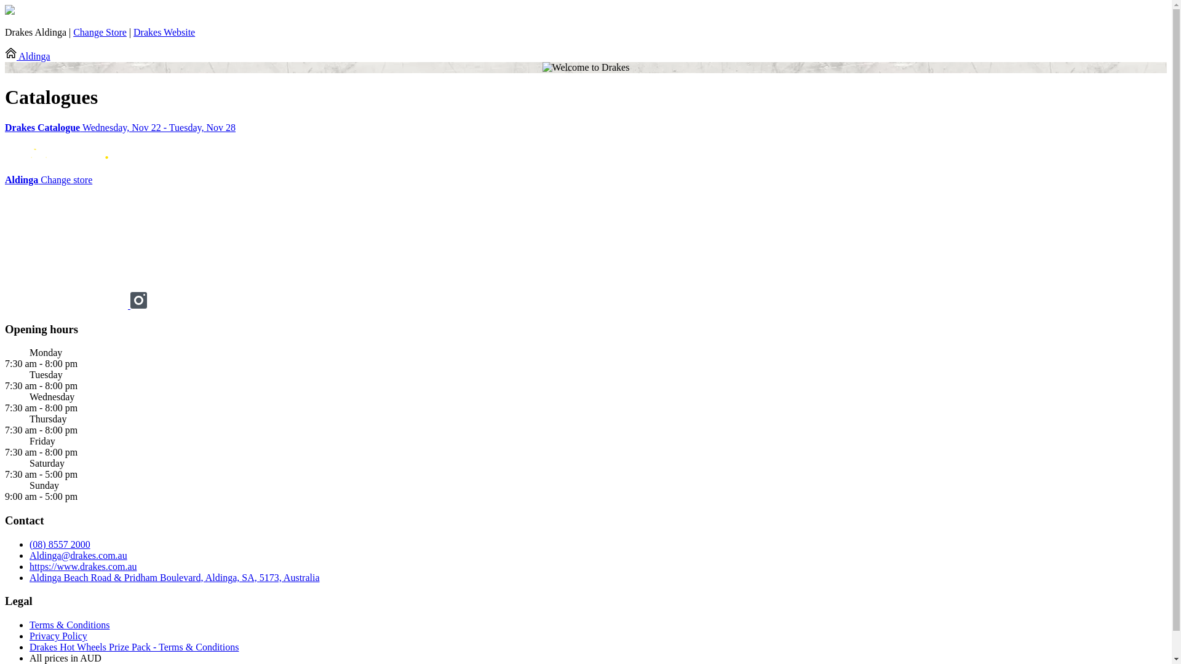  Describe the element at coordinates (30, 625) in the screenshot. I see `'Terms & Conditions'` at that location.